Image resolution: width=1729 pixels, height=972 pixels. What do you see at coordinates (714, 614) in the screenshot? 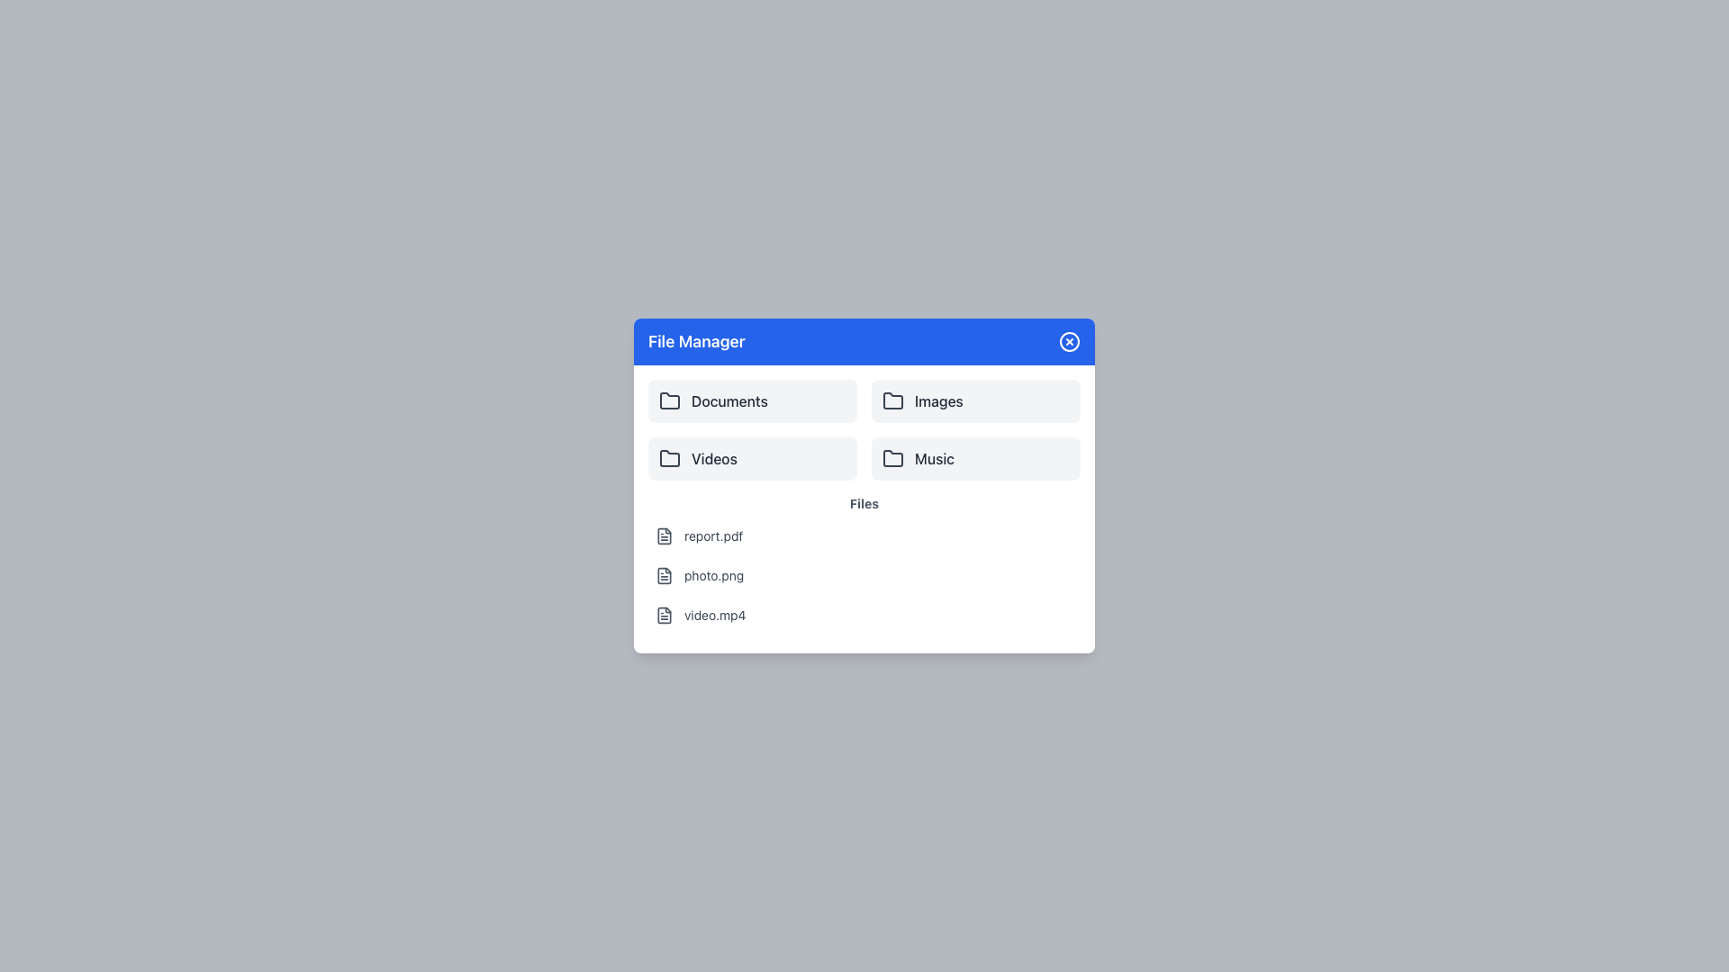
I see `the text label representing the file name 'video.mp4' in the file manager interface, which is the last item in a vertical list of file names` at bounding box center [714, 614].